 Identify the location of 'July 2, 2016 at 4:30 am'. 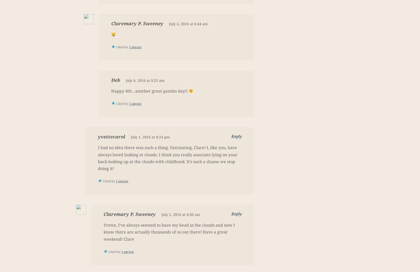
(180, 214).